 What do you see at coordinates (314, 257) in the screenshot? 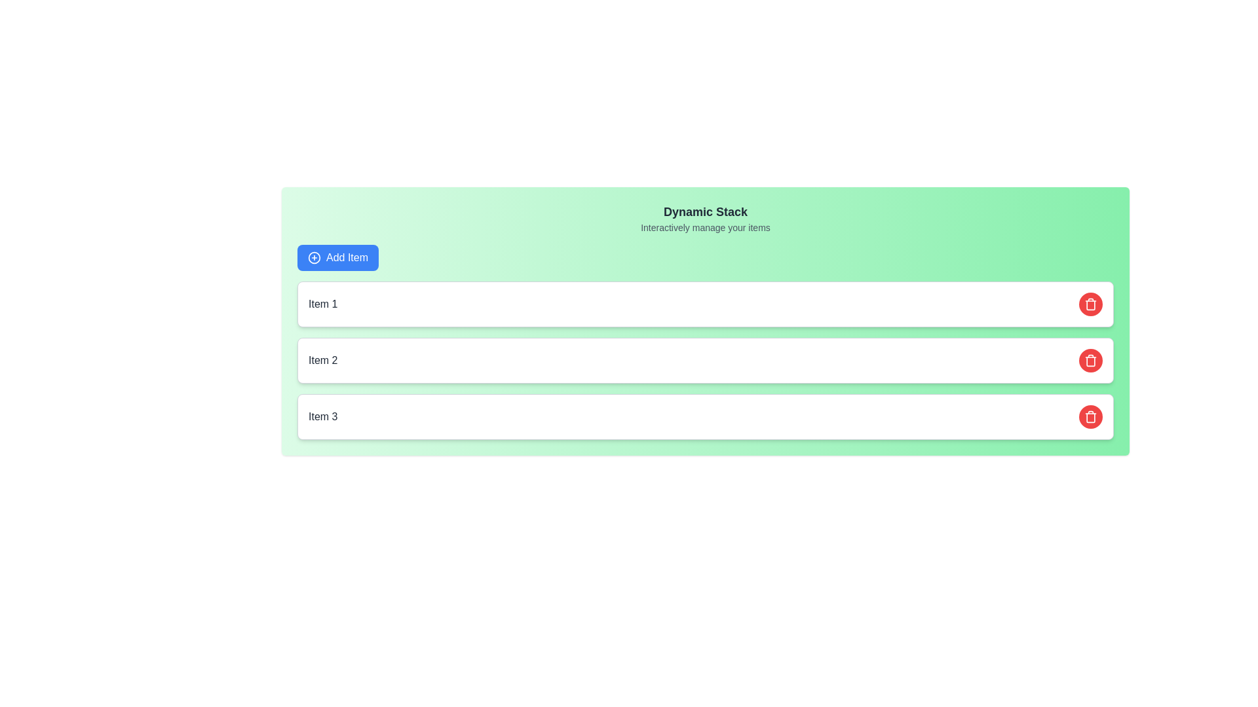
I see `the icon that visually represents the action of adding a new item, located within the 'Add Item' button at the top-left corner of the interface` at bounding box center [314, 257].